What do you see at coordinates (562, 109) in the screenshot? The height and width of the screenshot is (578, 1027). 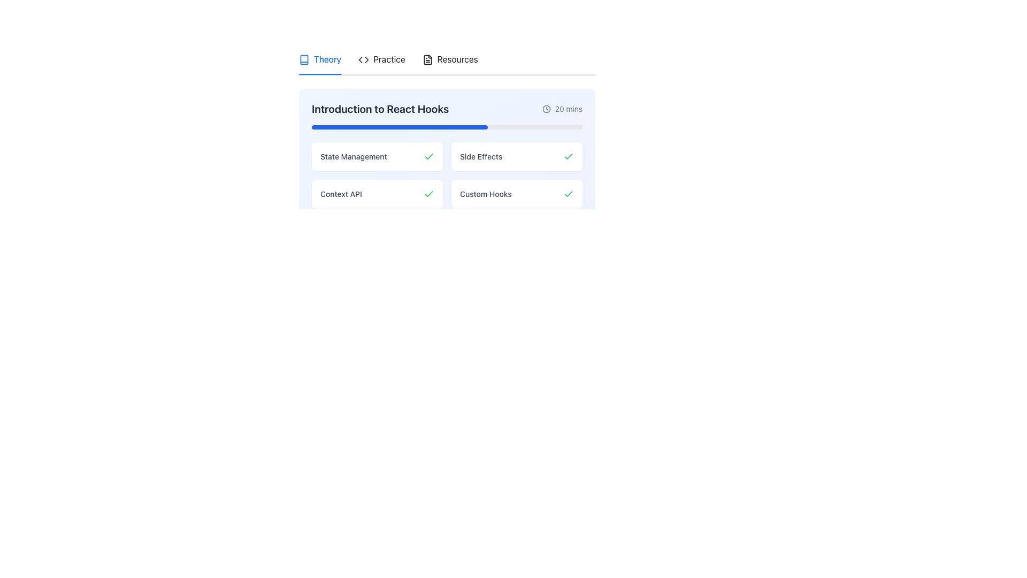 I see `estimated time duration displayed for the topic 'Introduction to React Hooks', which is located in the top-right of the block adjacent to the progress bar` at bounding box center [562, 109].